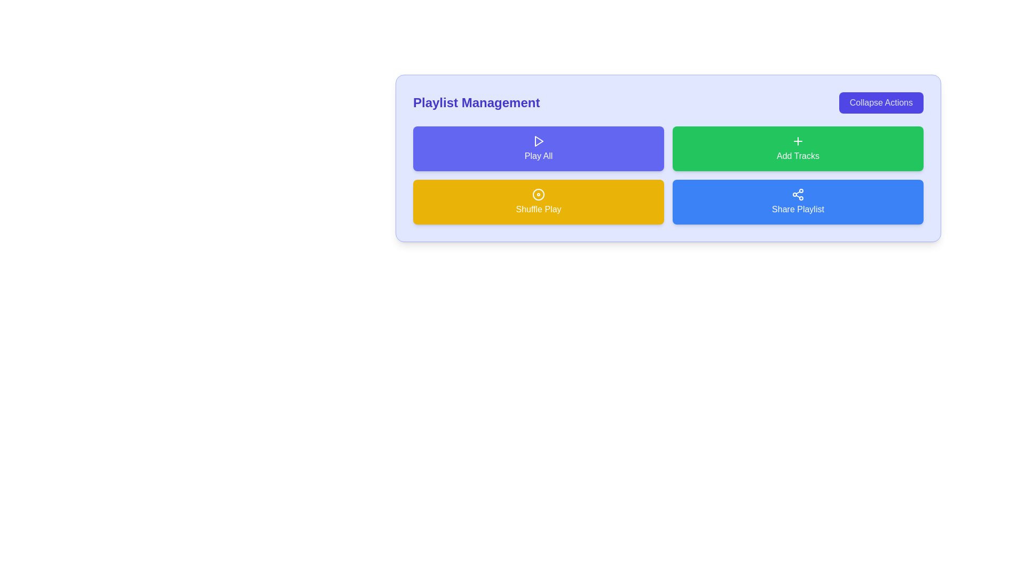 This screenshot has width=1025, height=576. Describe the element at coordinates (798, 202) in the screenshot. I see `the interactive button located in the bottom-right of the 'Playlist Management' section` at that location.